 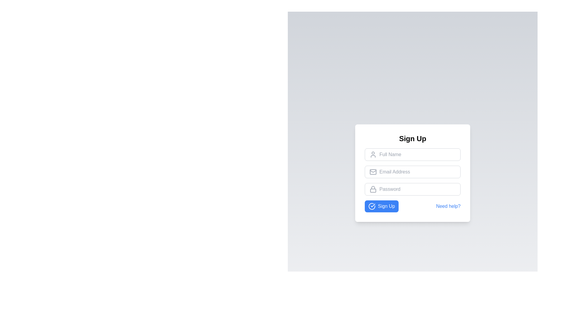 What do you see at coordinates (412, 189) in the screenshot?
I see `the Password input field located below the 'Full Name' and 'Email Address' input fields in the 'Sign Up' section to focus on it` at bounding box center [412, 189].